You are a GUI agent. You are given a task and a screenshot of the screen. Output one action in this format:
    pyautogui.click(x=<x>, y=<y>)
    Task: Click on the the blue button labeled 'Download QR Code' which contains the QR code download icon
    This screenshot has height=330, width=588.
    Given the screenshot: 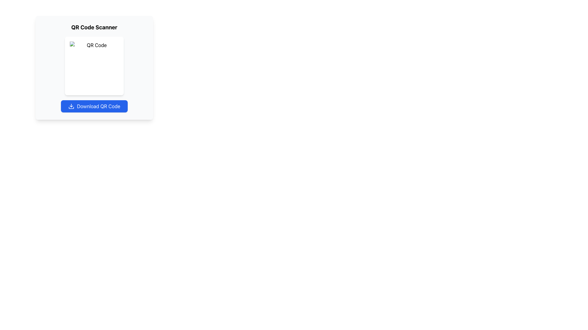 What is the action you would take?
    pyautogui.click(x=71, y=106)
    